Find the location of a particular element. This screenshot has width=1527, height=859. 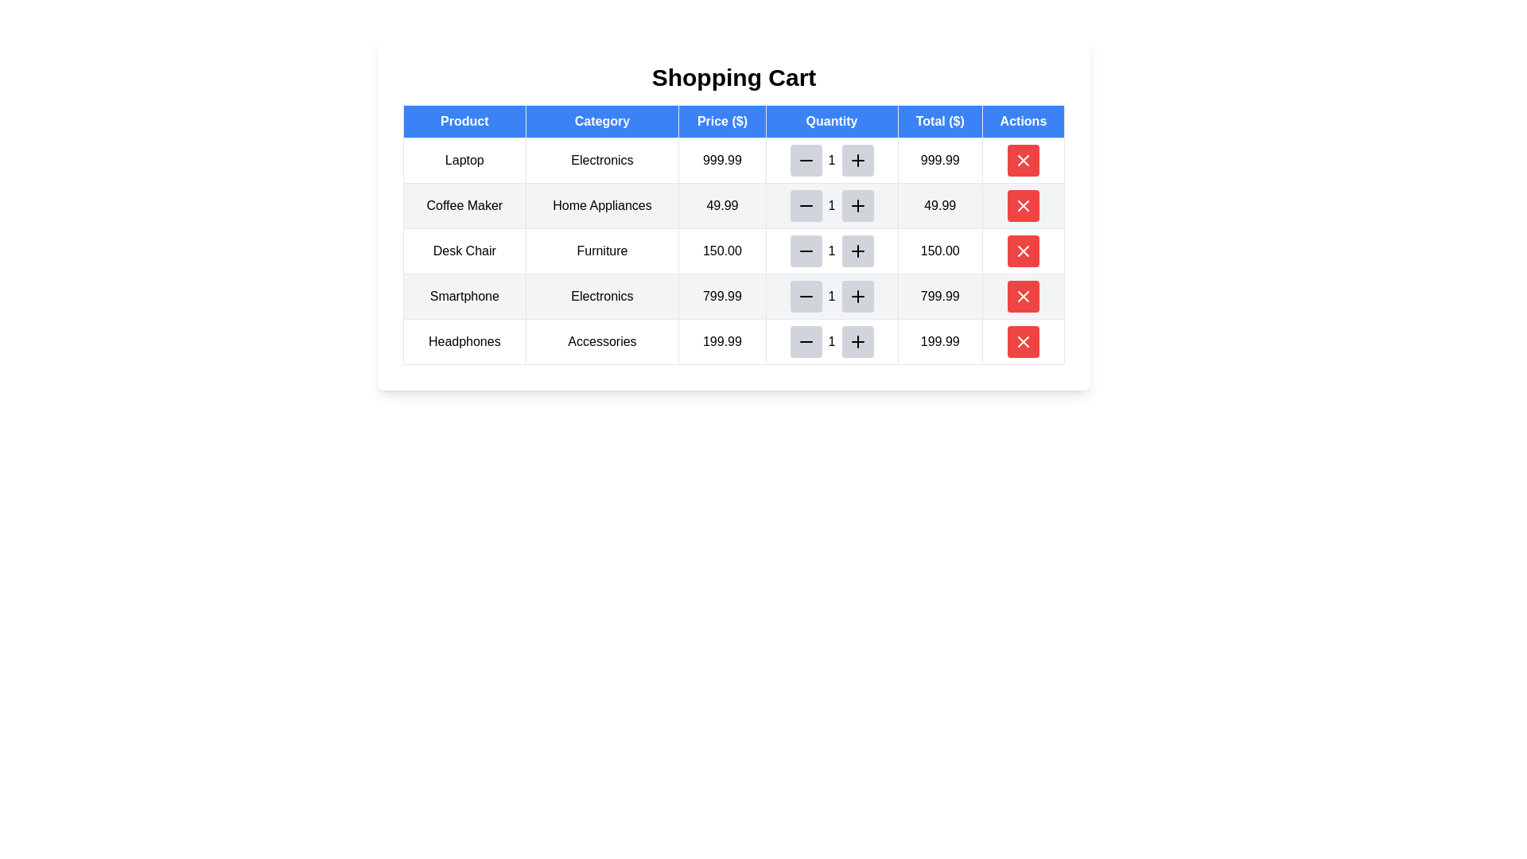

static text label displaying the product name 'Coffee Maker' located in the second row, first column of the shopping cart table is located at coordinates (464, 204).